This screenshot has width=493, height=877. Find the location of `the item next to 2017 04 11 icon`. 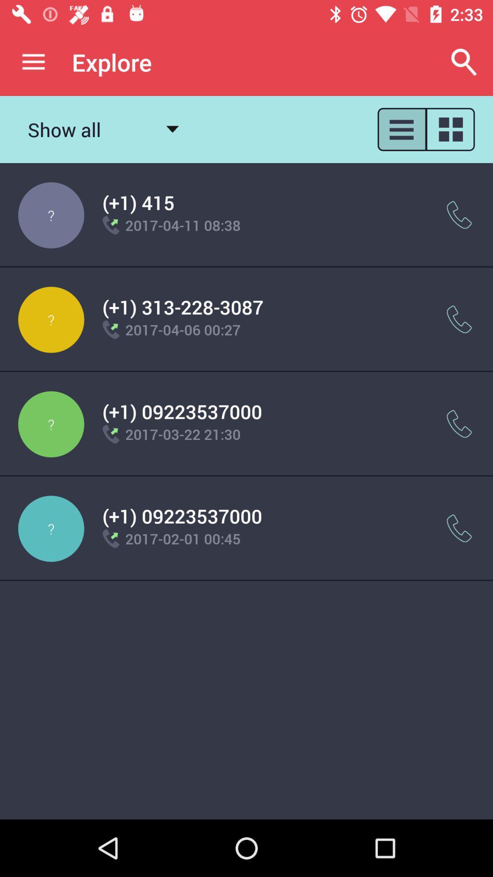

the item next to 2017 04 11 icon is located at coordinates (459, 214).